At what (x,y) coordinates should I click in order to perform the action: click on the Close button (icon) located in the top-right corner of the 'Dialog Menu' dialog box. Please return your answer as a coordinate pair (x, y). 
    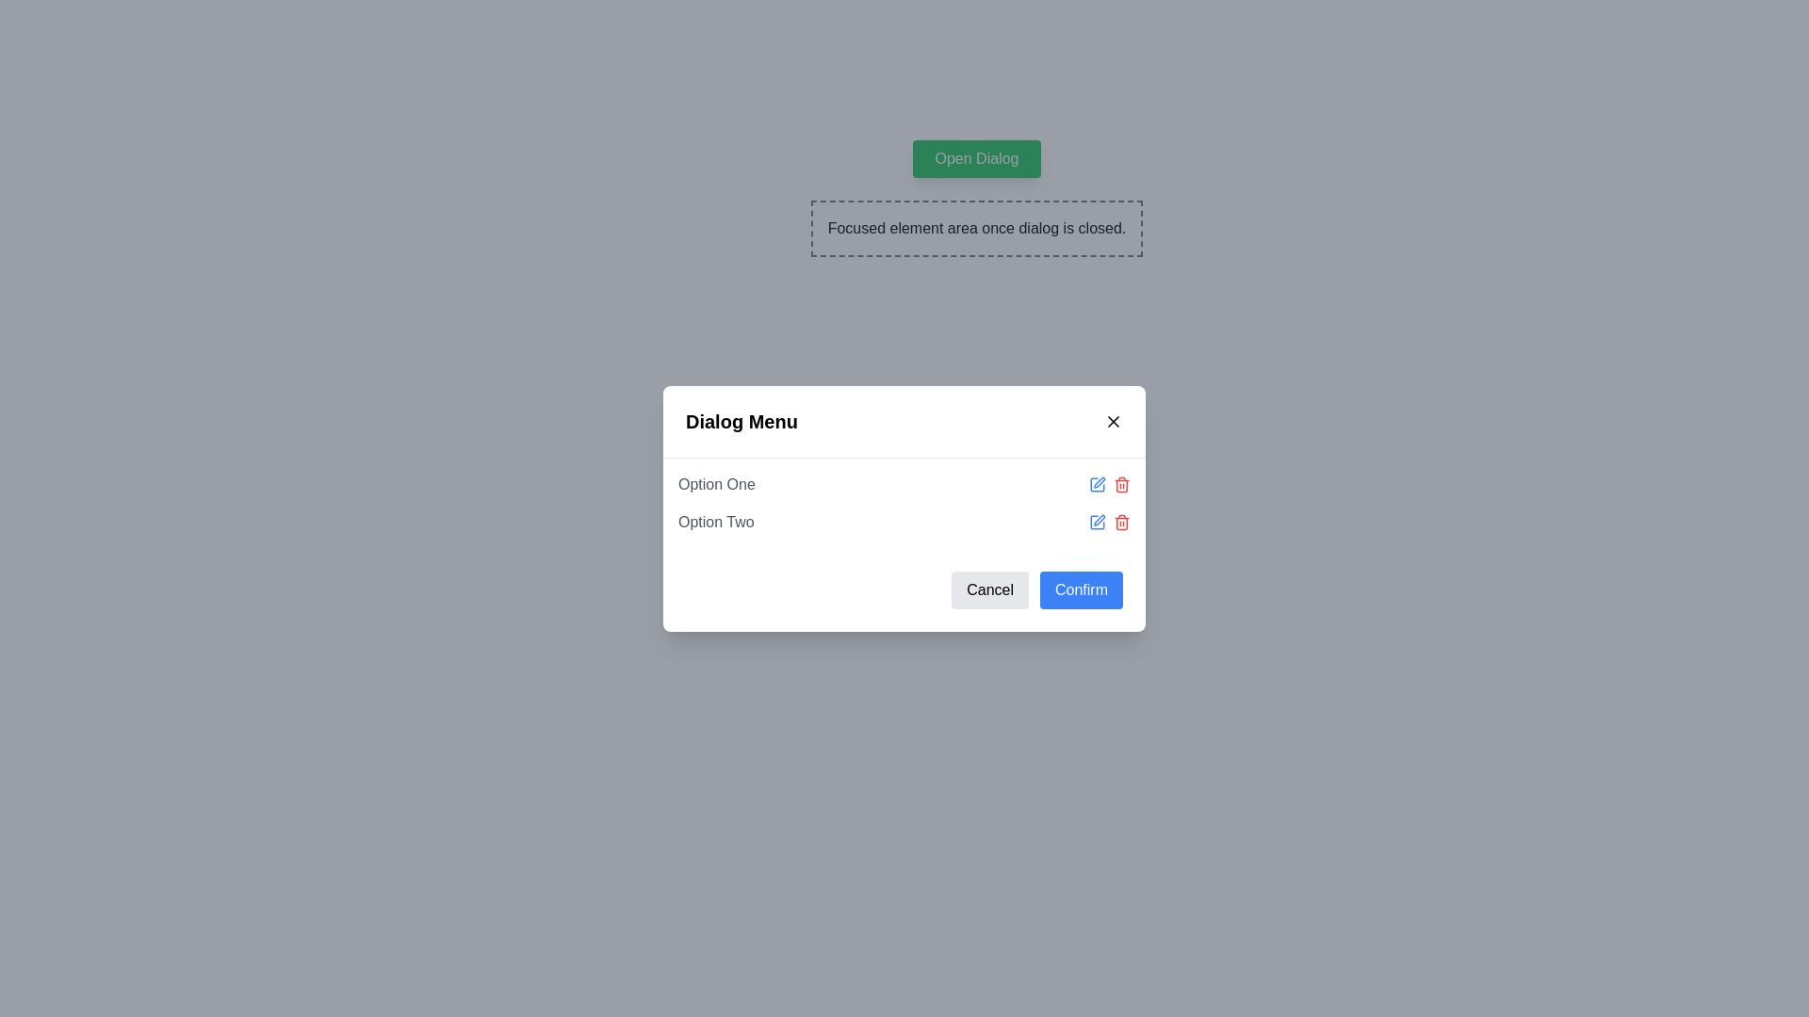
    Looking at the image, I should click on (1113, 420).